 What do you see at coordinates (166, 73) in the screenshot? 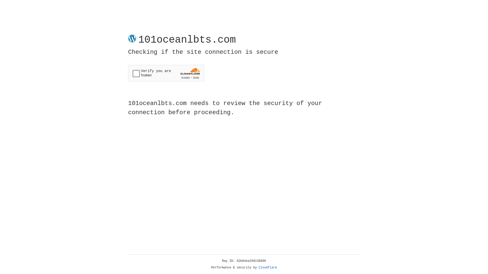
I see `'Widget containing a Cloudflare security challenge'` at bounding box center [166, 73].